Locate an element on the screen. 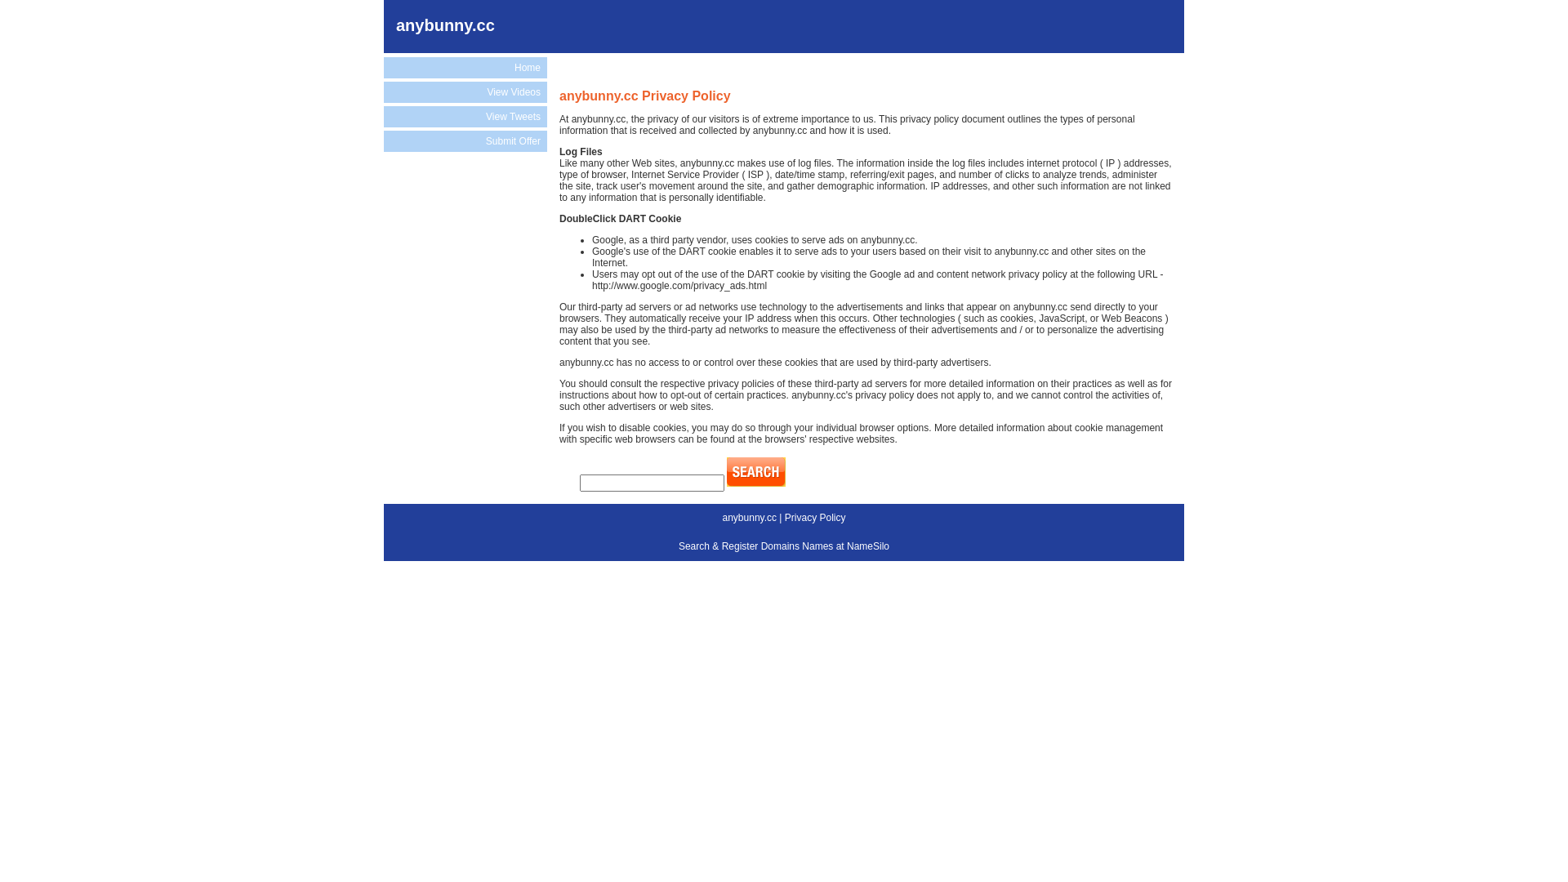 The width and height of the screenshot is (1568, 882). 'Home' is located at coordinates (383, 67).